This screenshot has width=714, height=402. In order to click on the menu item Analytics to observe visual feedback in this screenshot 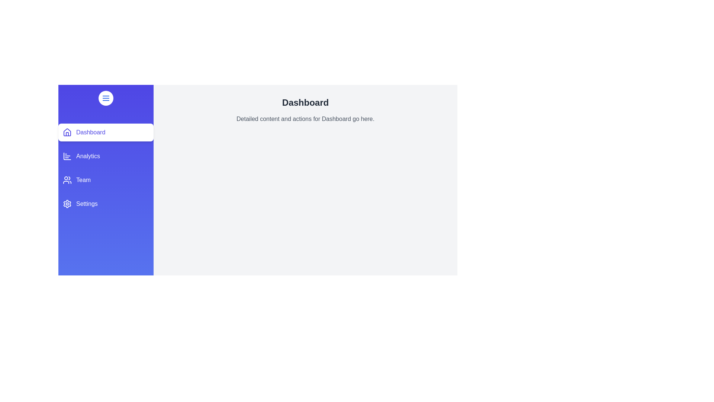, I will do `click(105, 156)`.